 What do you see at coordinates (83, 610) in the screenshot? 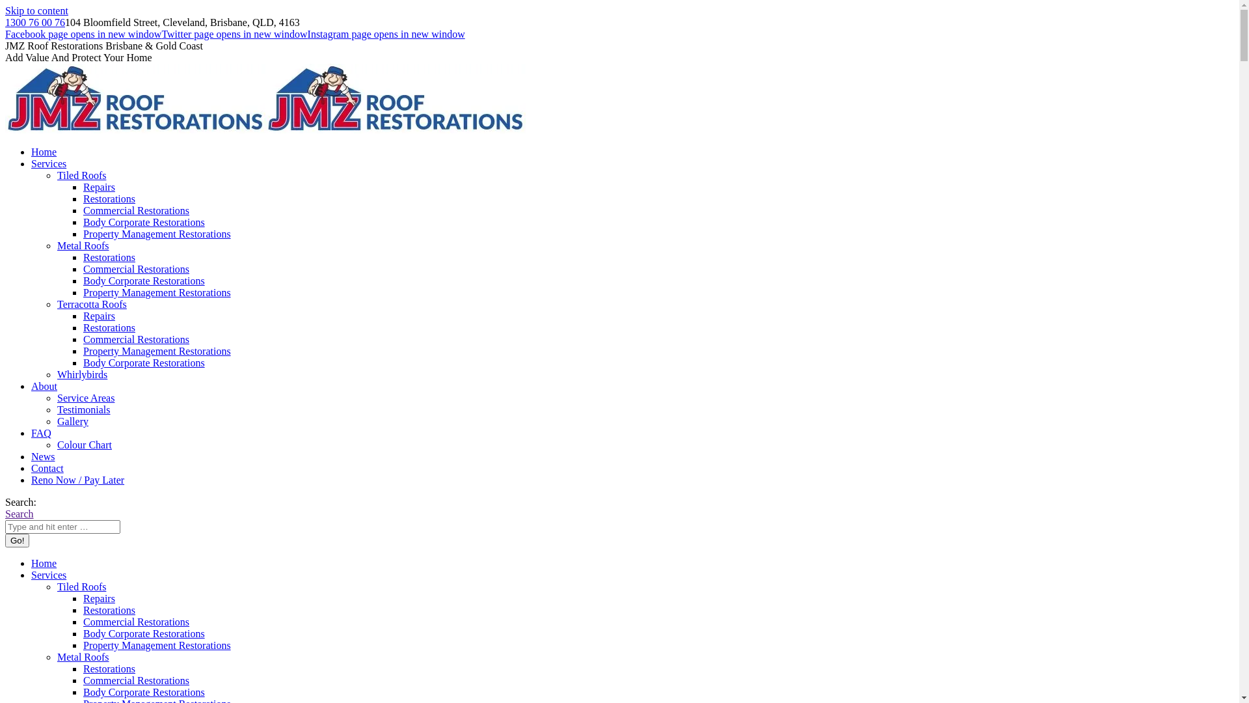
I see `'Restorations'` at bounding box center [83, 610].